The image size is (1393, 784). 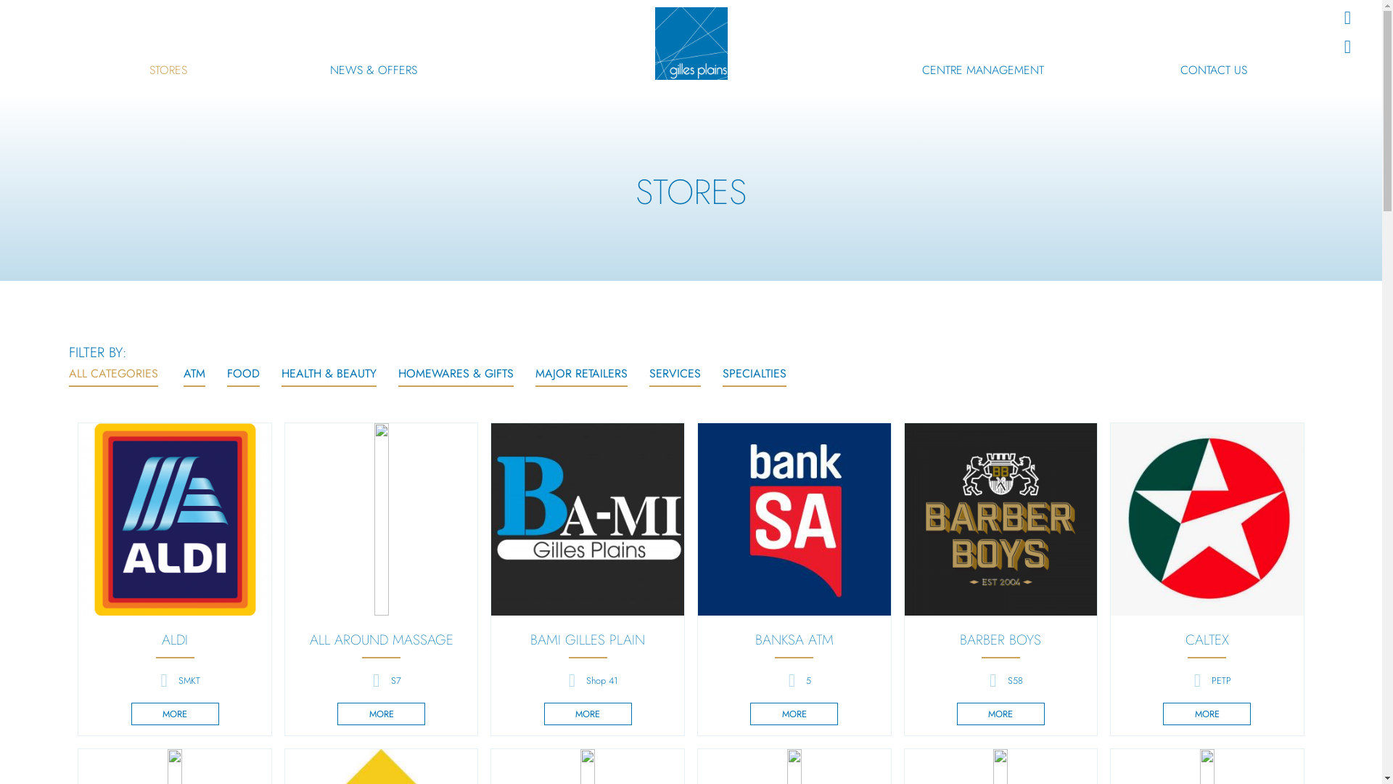 I want to click on 'NEWS & OFFERS', so click(x=373, y=70).